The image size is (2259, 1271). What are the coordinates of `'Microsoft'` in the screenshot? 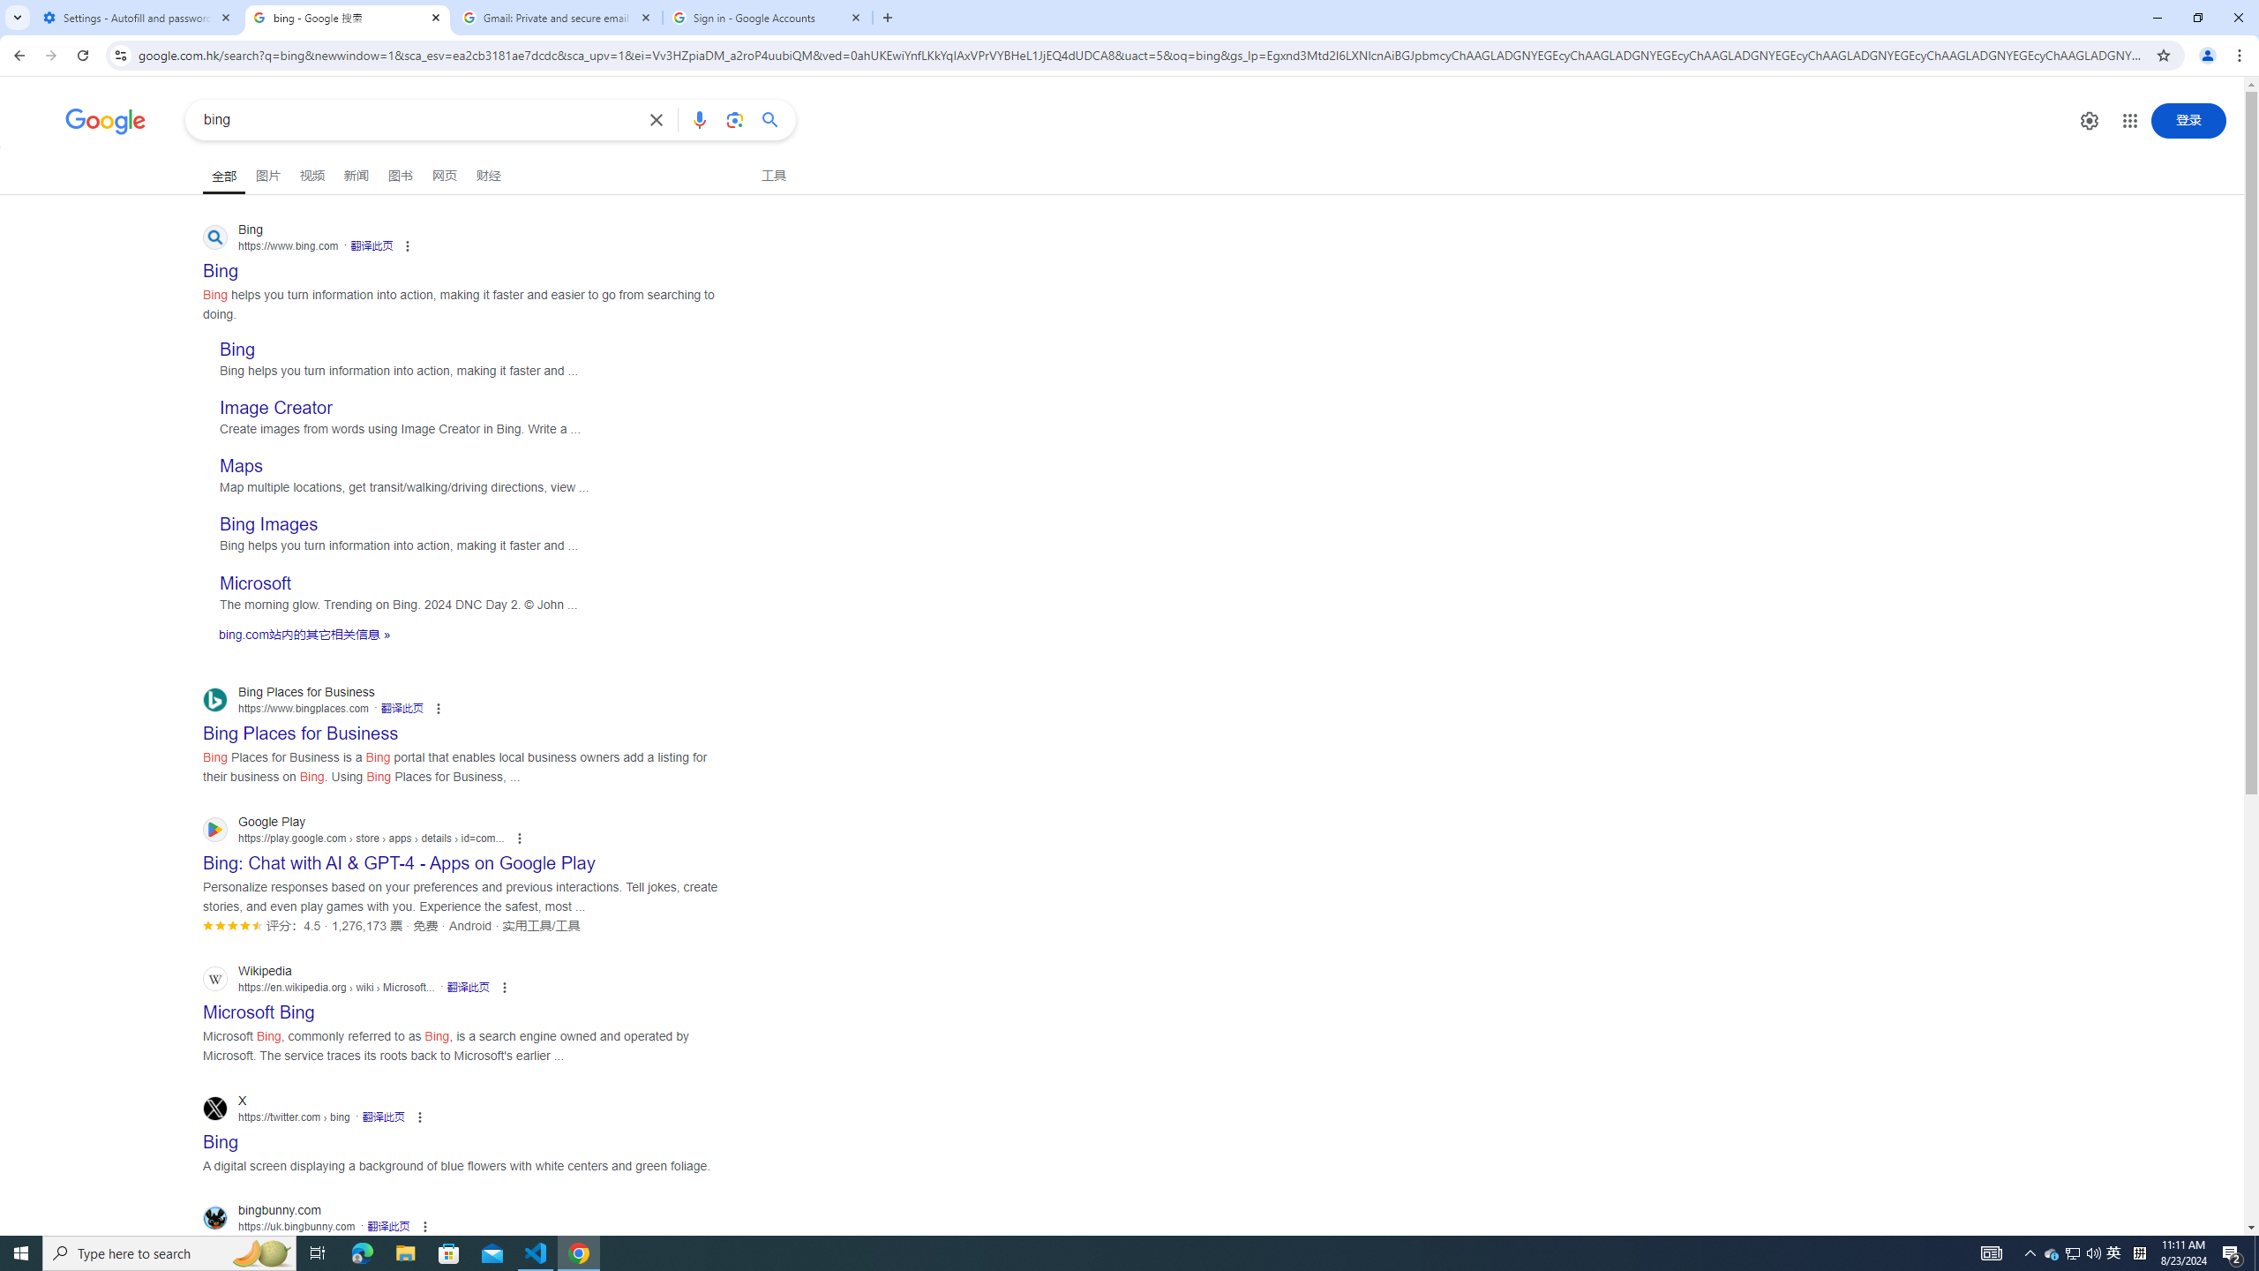 It's located at (255, 582).